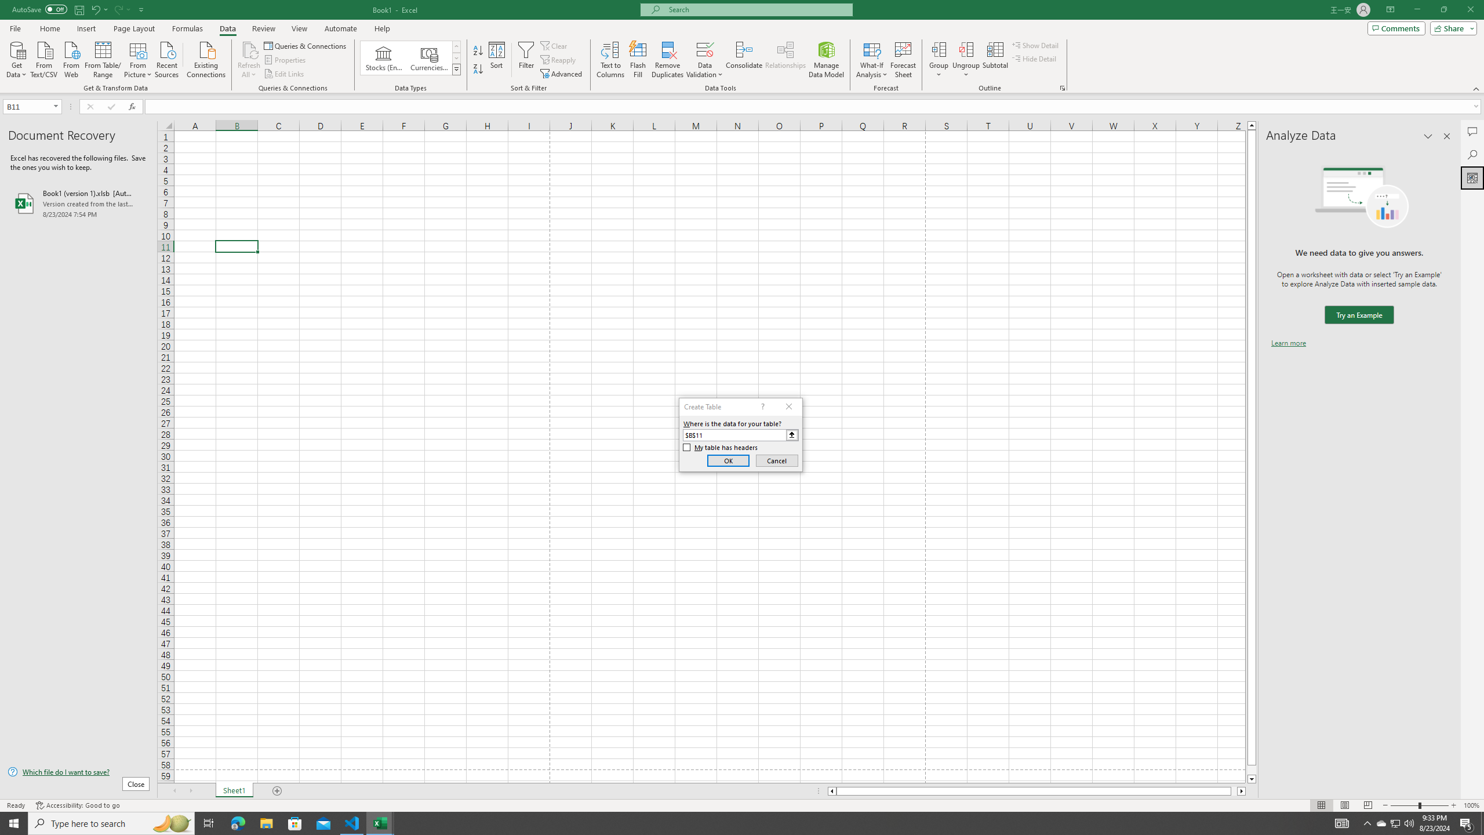 The height and width of the screenshot is (835, 1484). What do you see at coordinates (1358, 315) in the screenshot?
I see `'We need data to give you answers. Try an Example'` at bounding box center [1358, 315].